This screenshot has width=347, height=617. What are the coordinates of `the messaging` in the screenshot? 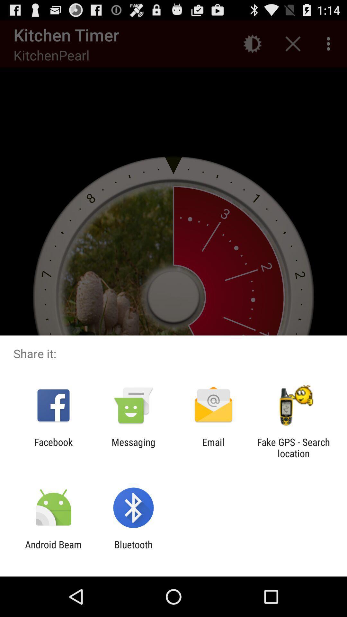 It's located at (133, 447).